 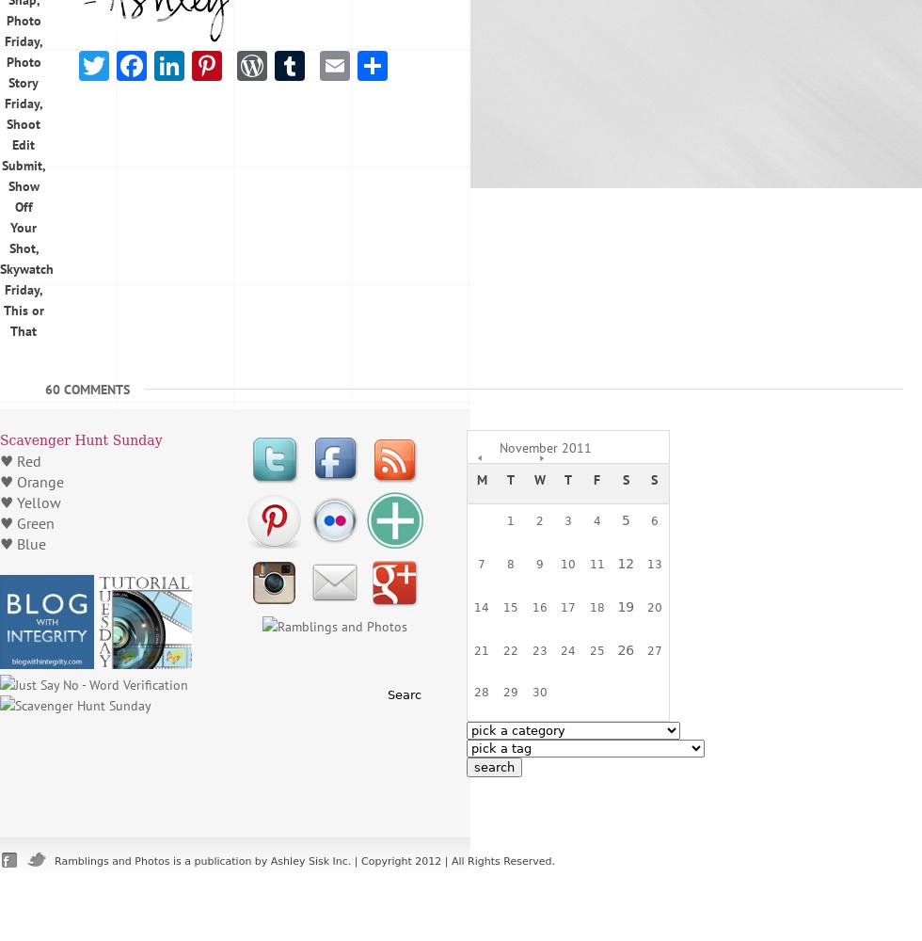 I want to click on '22', so click(x=511, y=650).